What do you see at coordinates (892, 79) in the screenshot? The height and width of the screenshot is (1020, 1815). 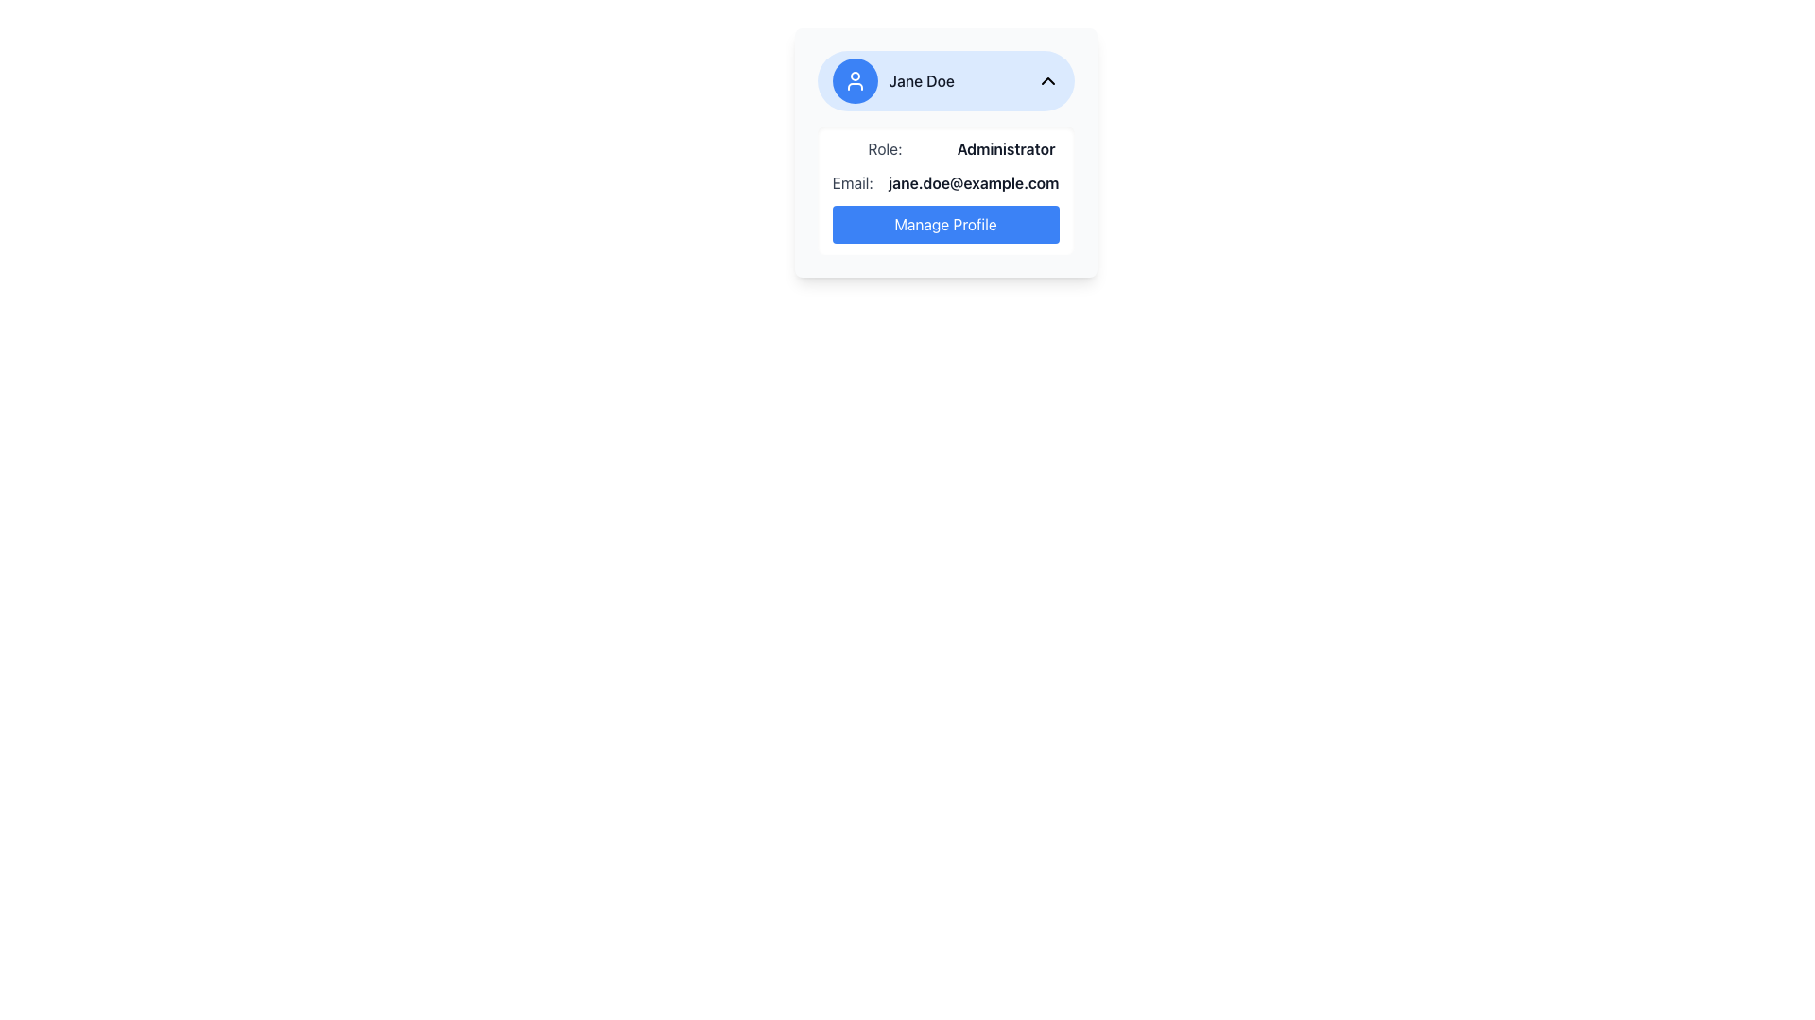 I see `the text label 'Jane Doe' which is aligned to the right of a circular blue user icon, styled in bold and dark gray, within a light blue background` at bounding box center [892, 79].